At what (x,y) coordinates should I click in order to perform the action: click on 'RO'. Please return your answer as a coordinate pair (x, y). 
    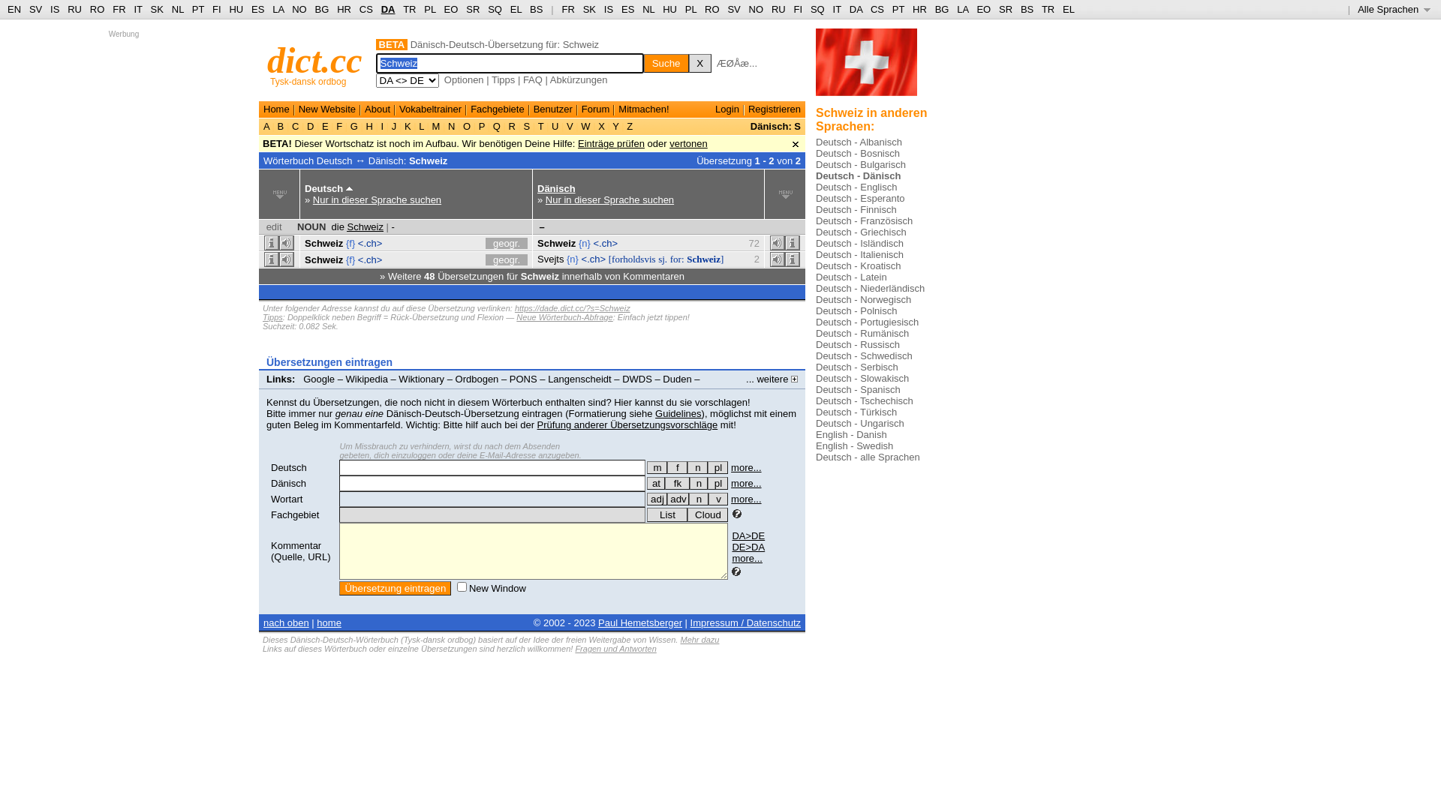
    Looking at the image, I should click on (96, 9).